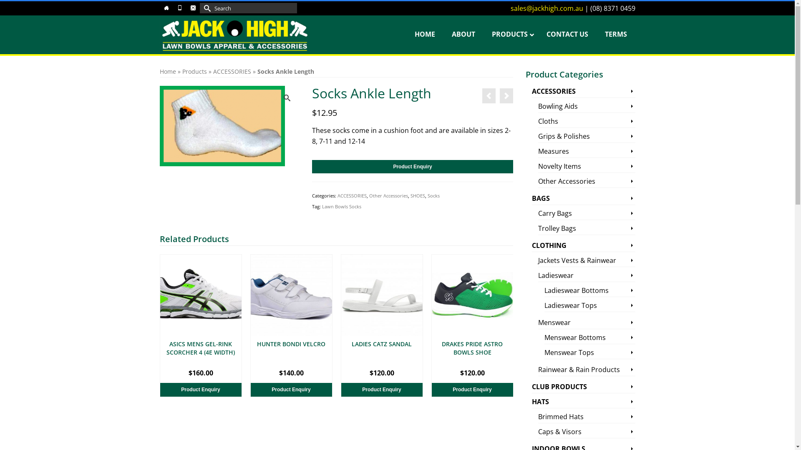 The image size is (801, 450). What do you see at coordinates (544, 290) in the screenshot?
I see `'Ladieswear Bottoms'` at bounding box center [544, 290].